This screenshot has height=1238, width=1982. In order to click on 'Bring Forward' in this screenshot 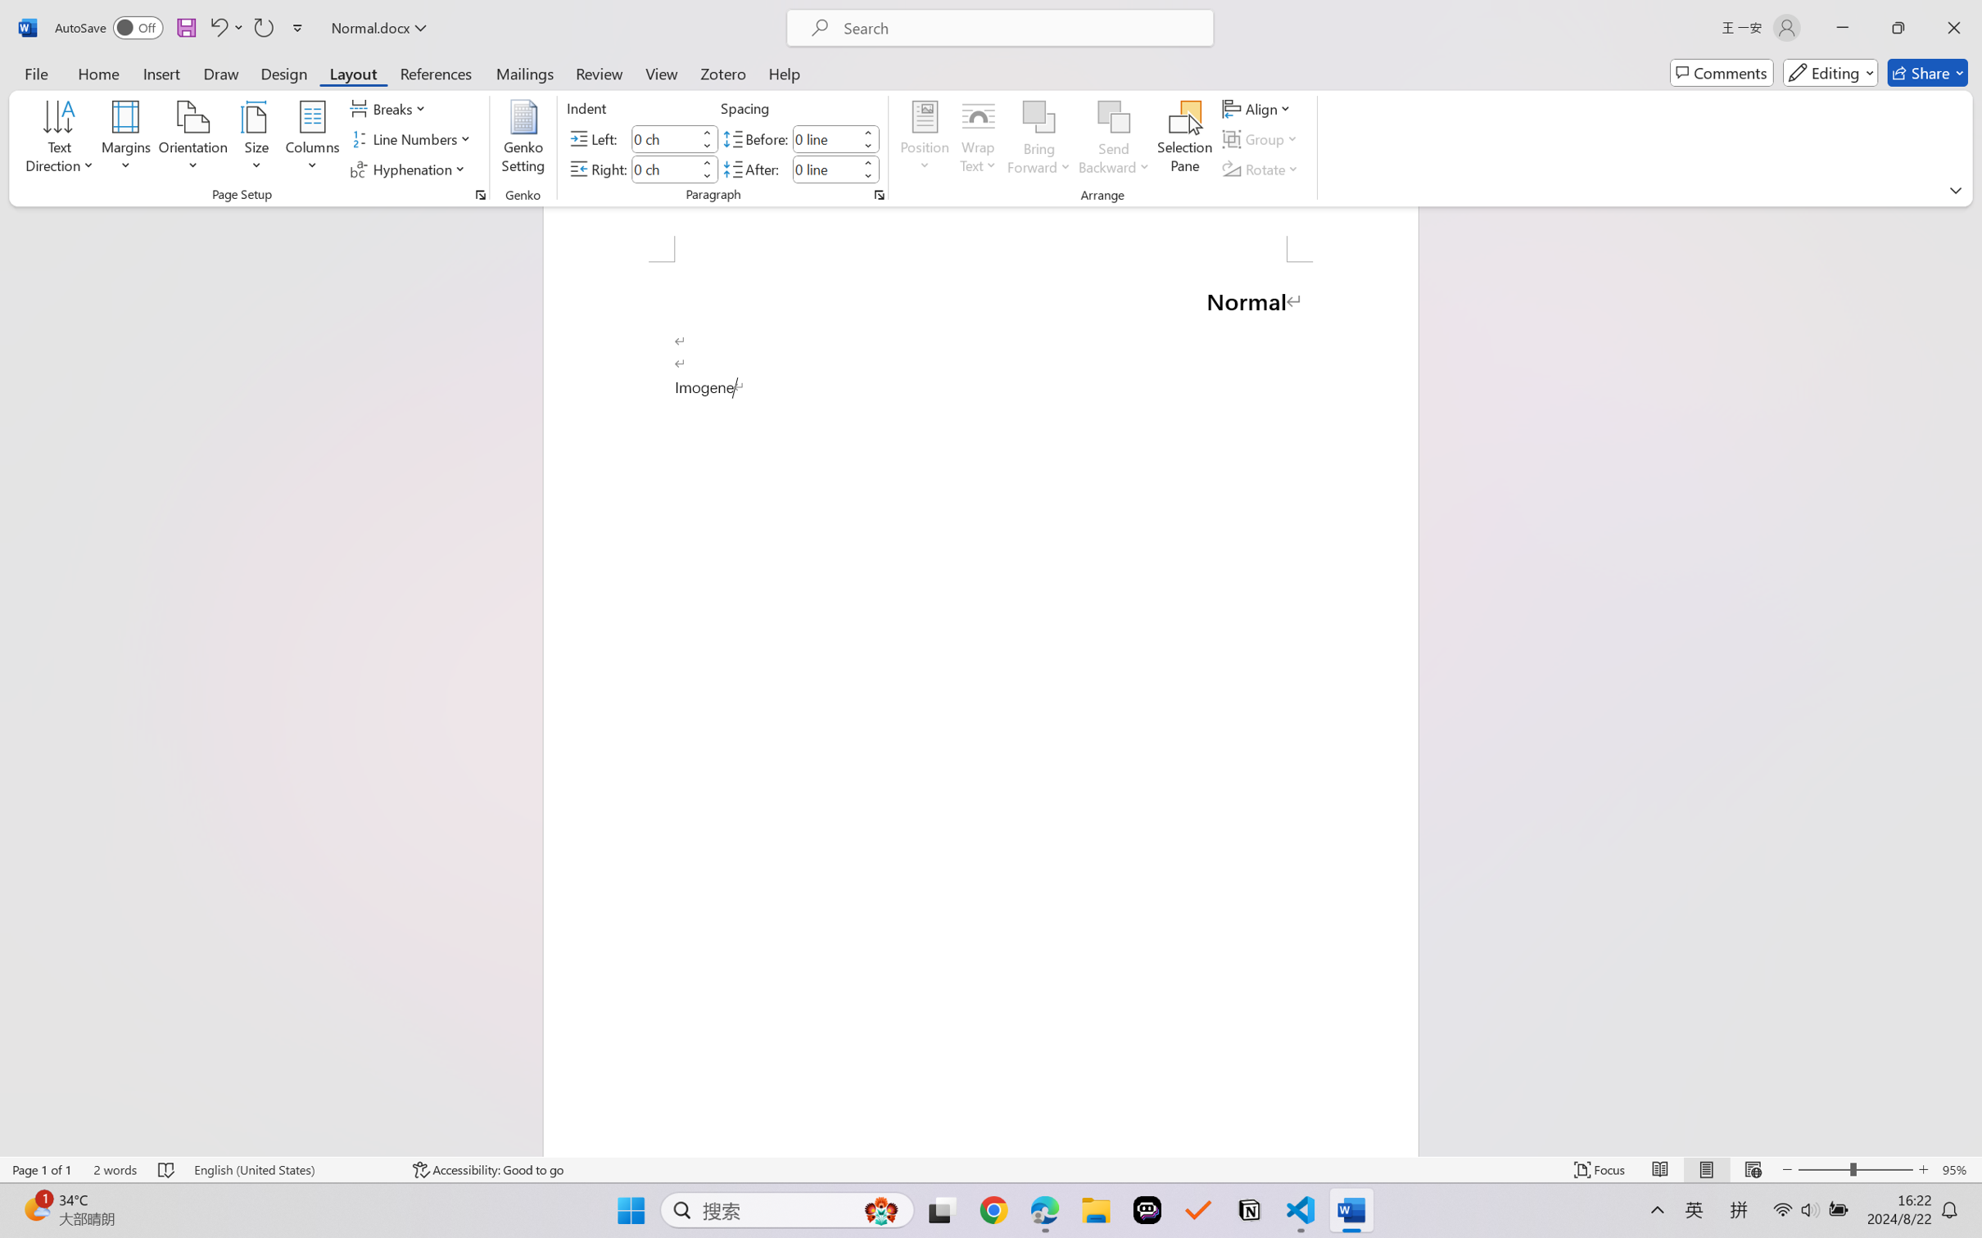, I will do `click(1039, 117)`.